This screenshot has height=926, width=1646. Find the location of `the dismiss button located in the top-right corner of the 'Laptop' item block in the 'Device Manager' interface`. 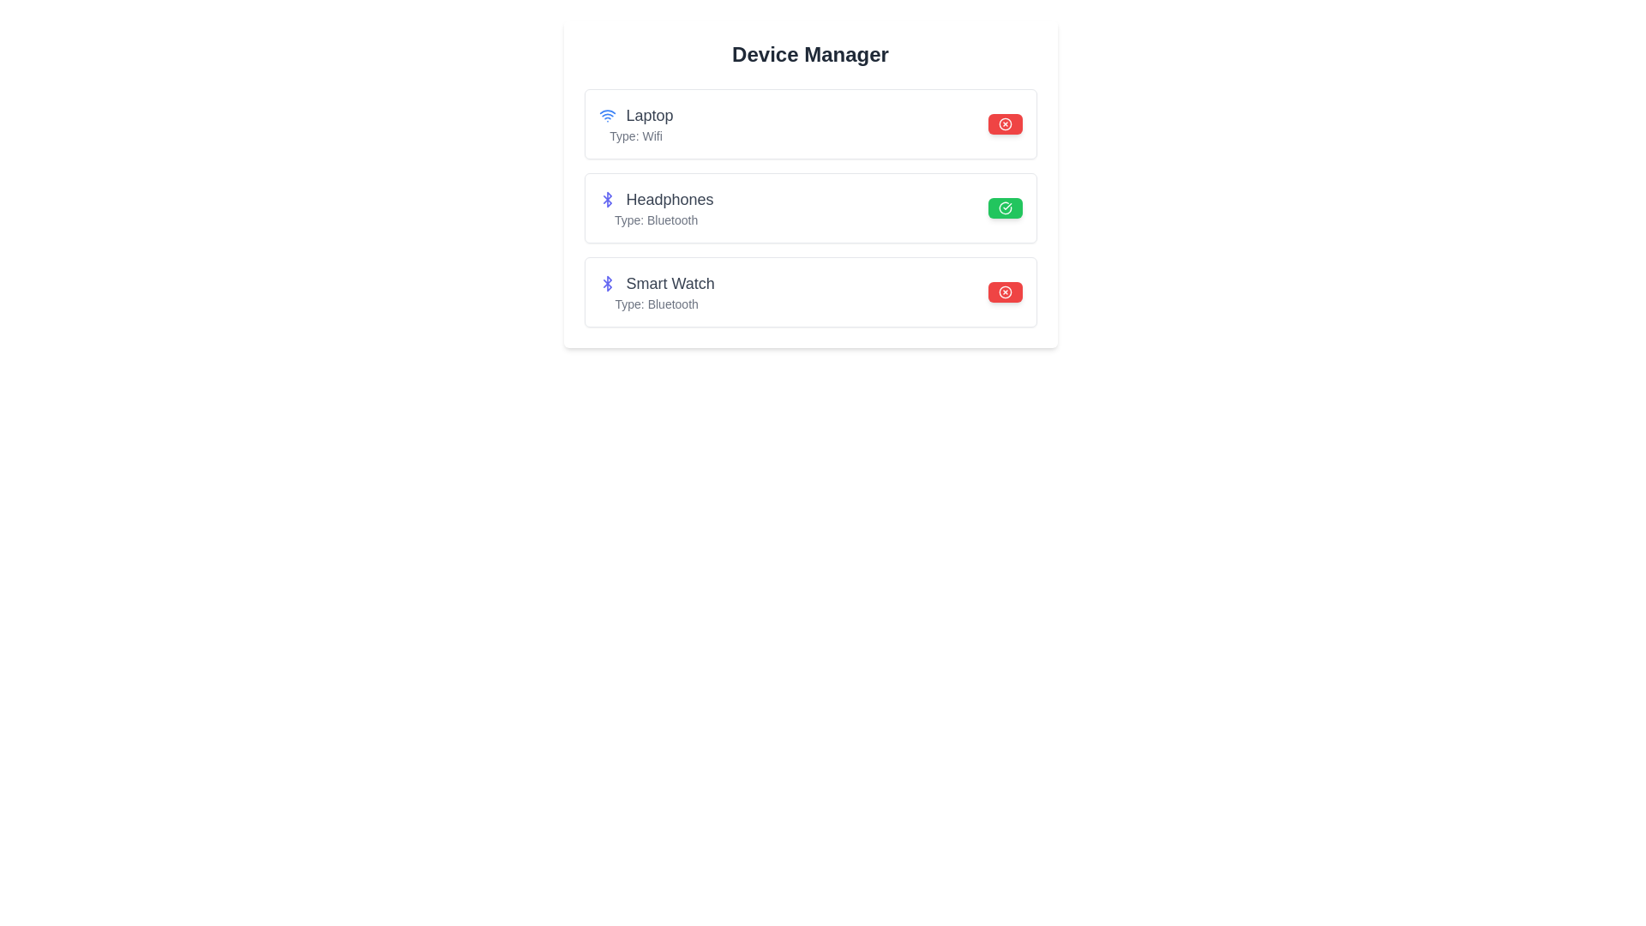

the dismiss button located in the top-right corner of the 'Laptop' item block in the 'Device Manager' interface is located at coordinates (1005, 123).